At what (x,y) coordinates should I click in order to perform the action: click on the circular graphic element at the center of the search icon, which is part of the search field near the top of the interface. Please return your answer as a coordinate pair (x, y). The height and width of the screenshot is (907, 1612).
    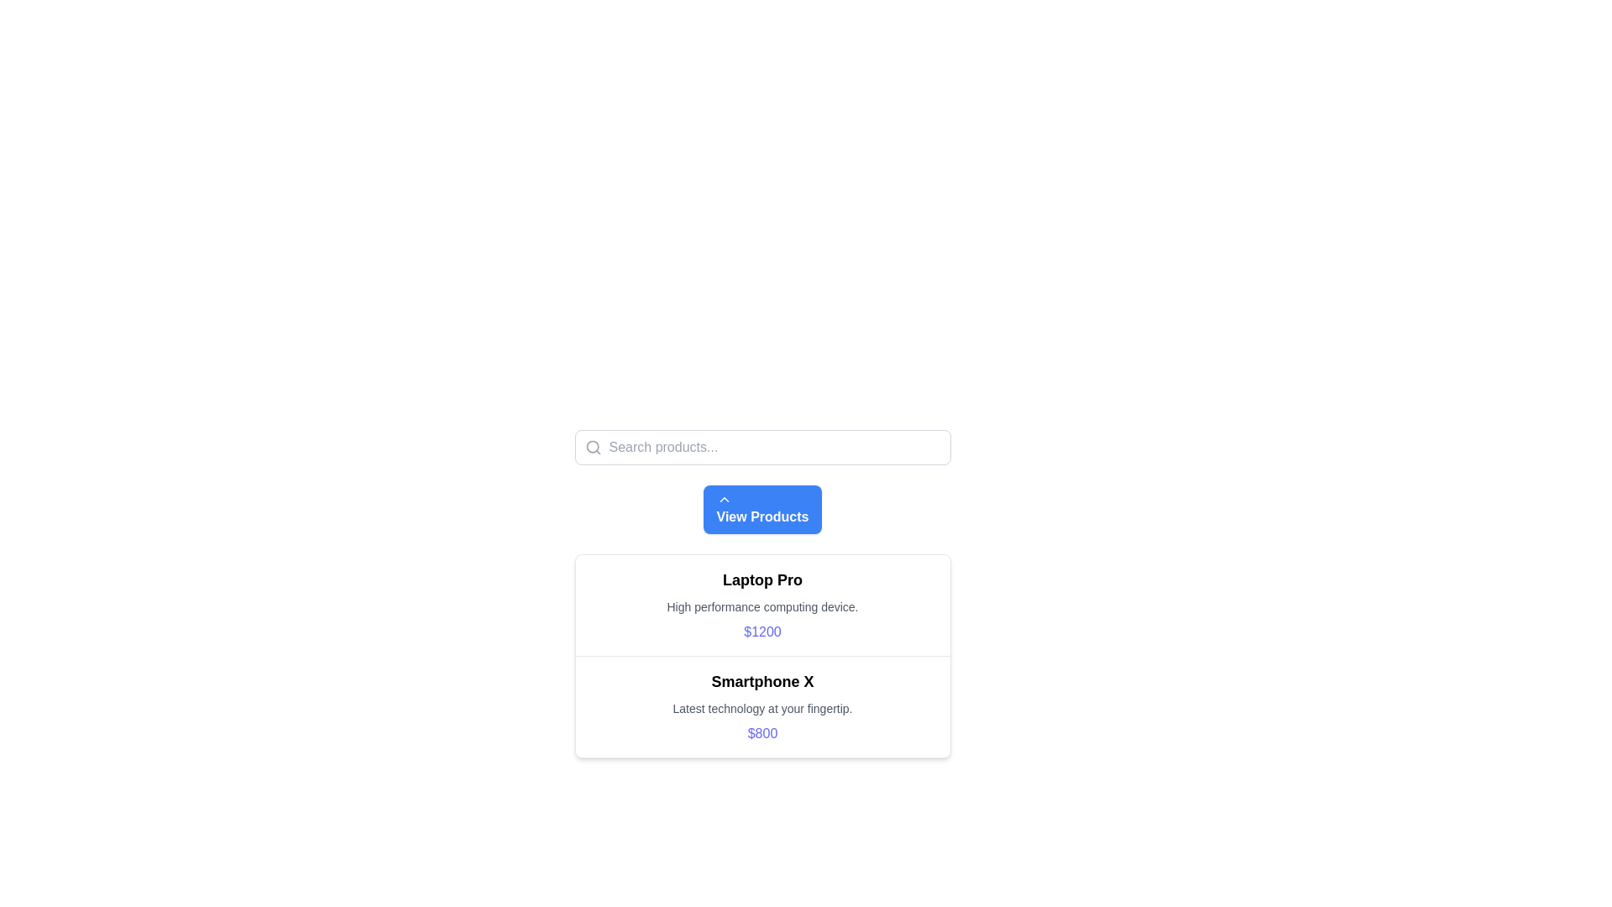
    Looking at the image, I should click on (592, 446).